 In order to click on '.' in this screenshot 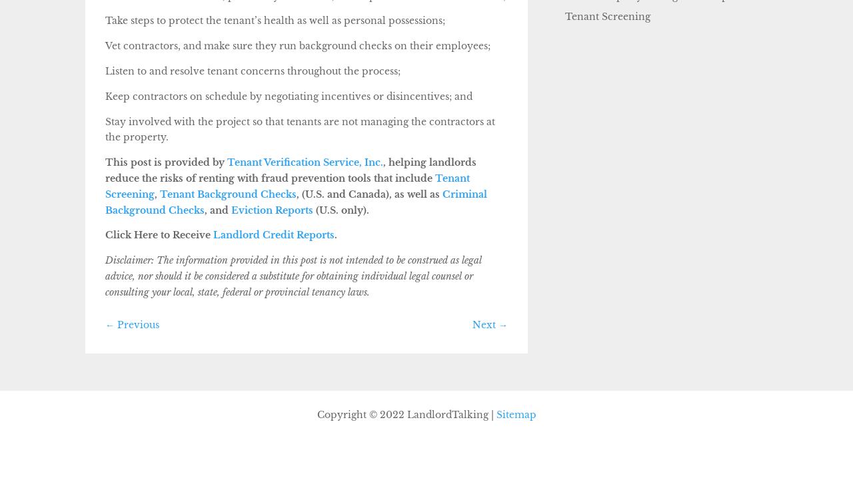, I will do `click(335, 235)`.